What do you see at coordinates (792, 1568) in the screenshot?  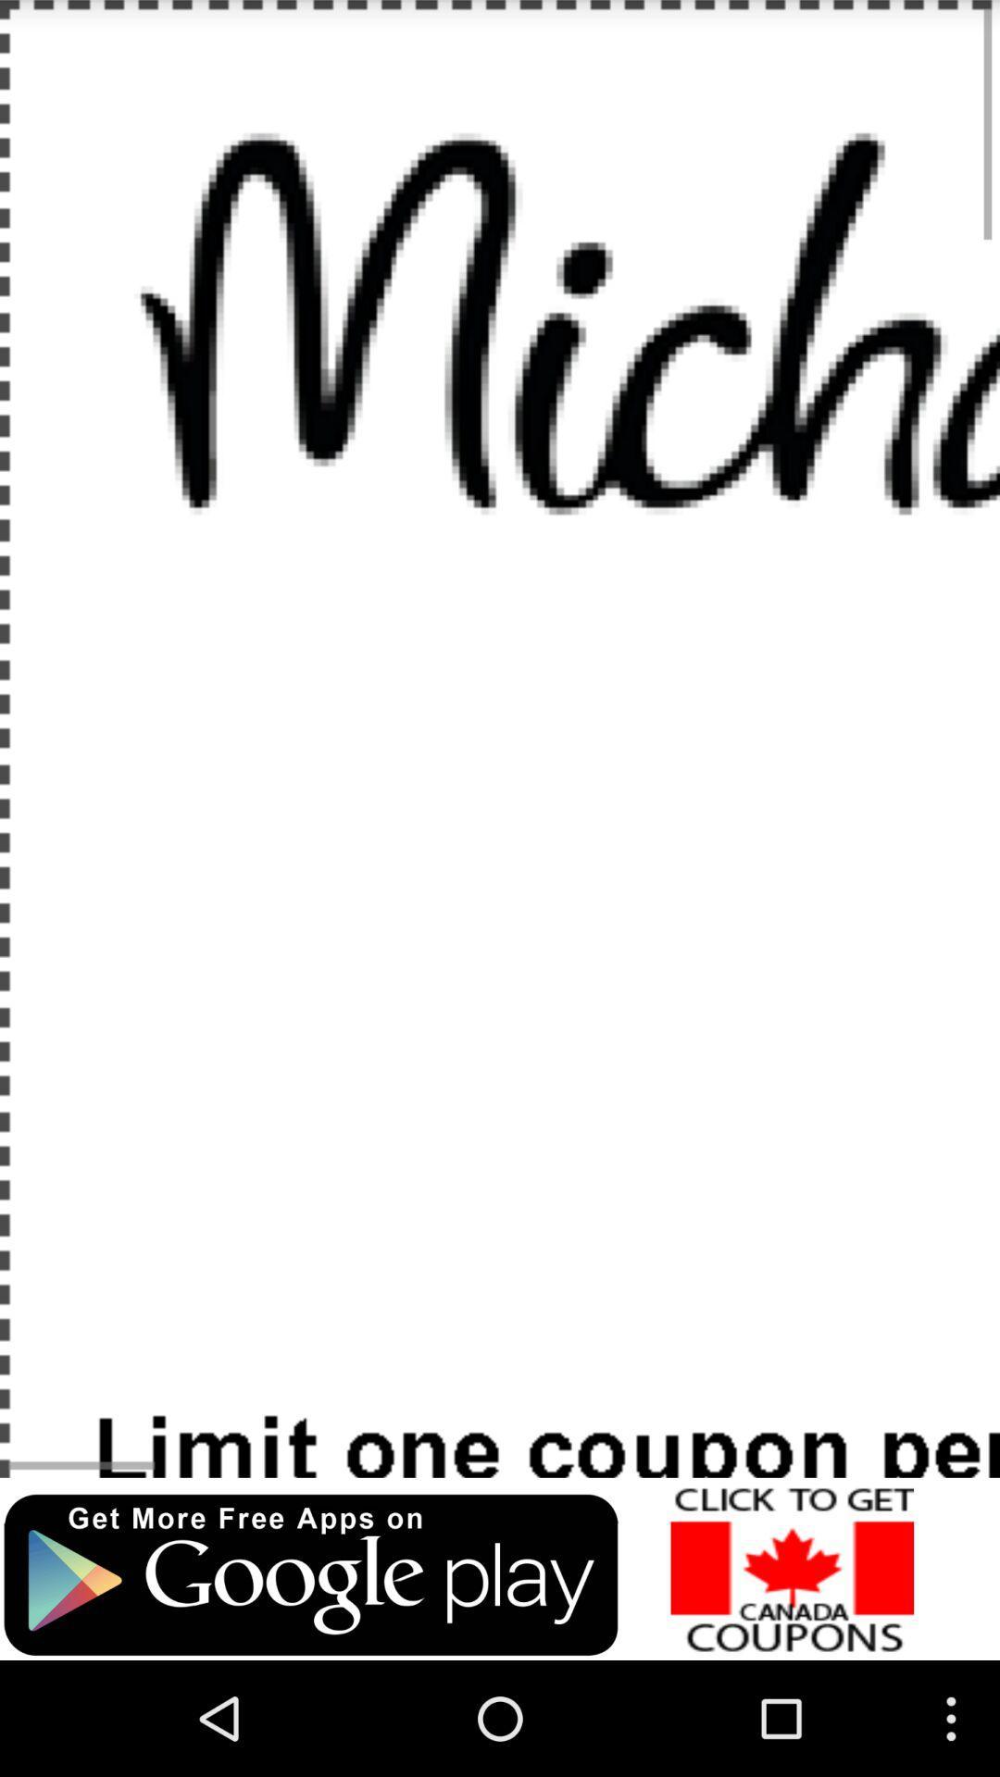 I see `advertisement` at bounding box center [792, 1568].